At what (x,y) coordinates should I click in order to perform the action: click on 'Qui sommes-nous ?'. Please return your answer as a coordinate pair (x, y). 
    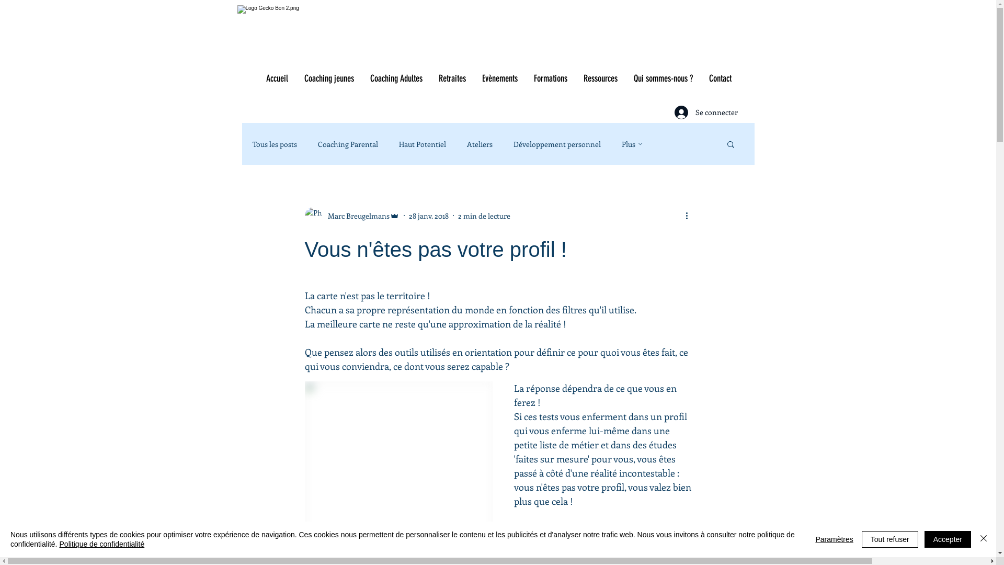
    Looking at the image, I should click on (662, 78).